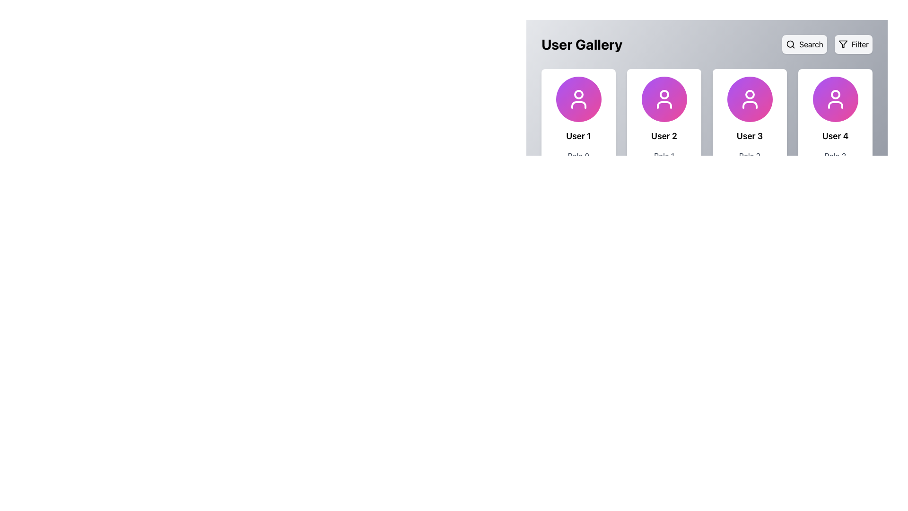 Image resolution: width=908 pixels, height=511 pixels. I want to click on the text label displaying 'Role 0' located beneath the 'User 1' label in the user profile card, so click(578, 156).